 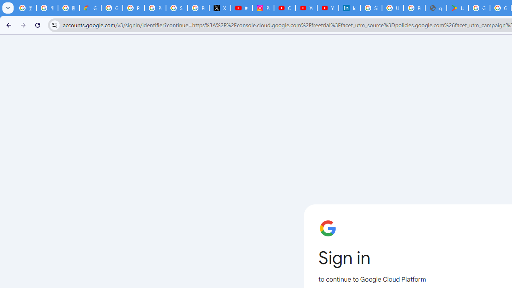 I want to click on 'google_privacy_policy_en.pdf', so click(x=435, y=8).